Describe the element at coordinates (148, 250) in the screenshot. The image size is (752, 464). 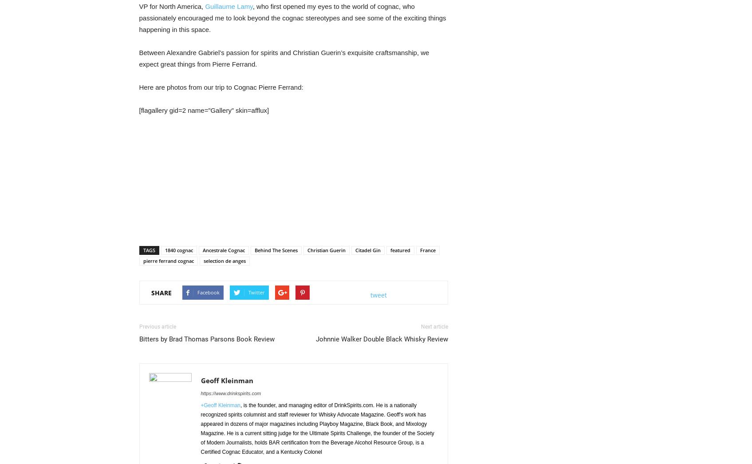
I see `'TAGS'` at that location.